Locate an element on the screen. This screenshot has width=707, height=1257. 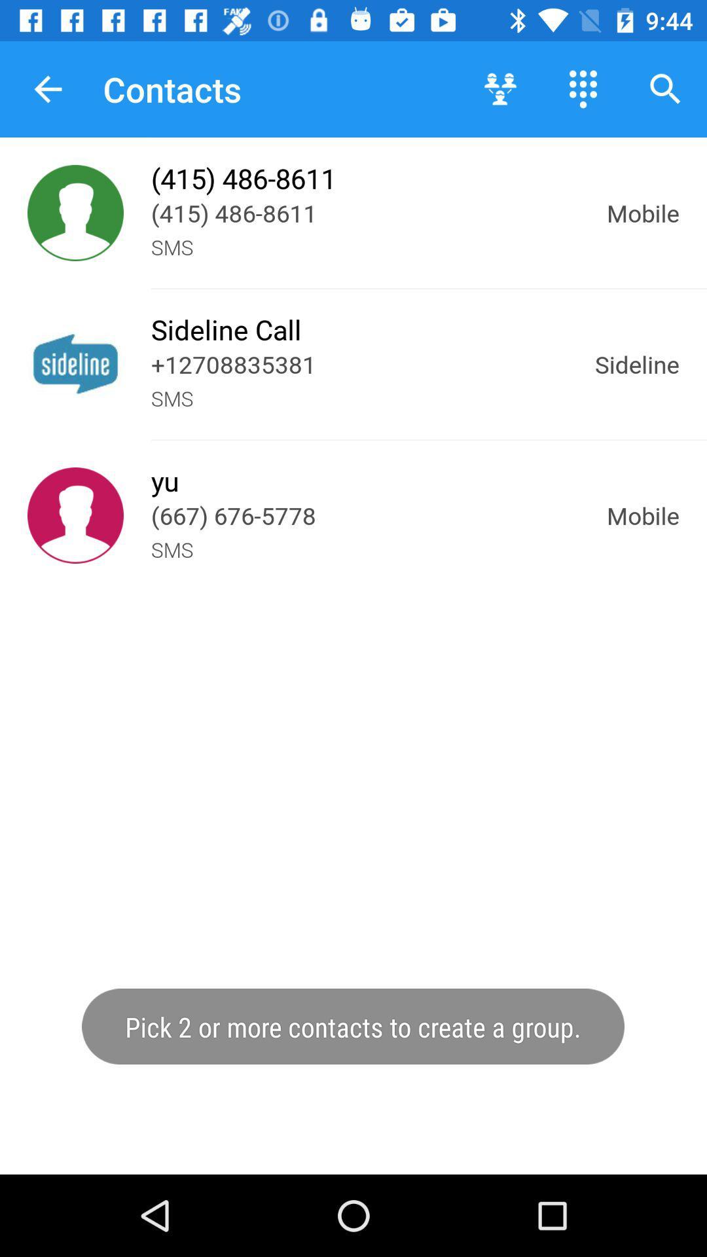
contact is located at coordinates (75, 515).